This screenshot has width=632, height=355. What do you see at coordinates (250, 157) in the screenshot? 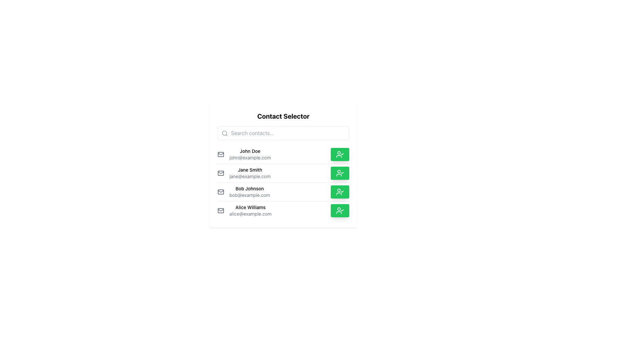
I see `the text label displaying the email address associated with the contact 'John Doe'` at bounding box center [250, 157].